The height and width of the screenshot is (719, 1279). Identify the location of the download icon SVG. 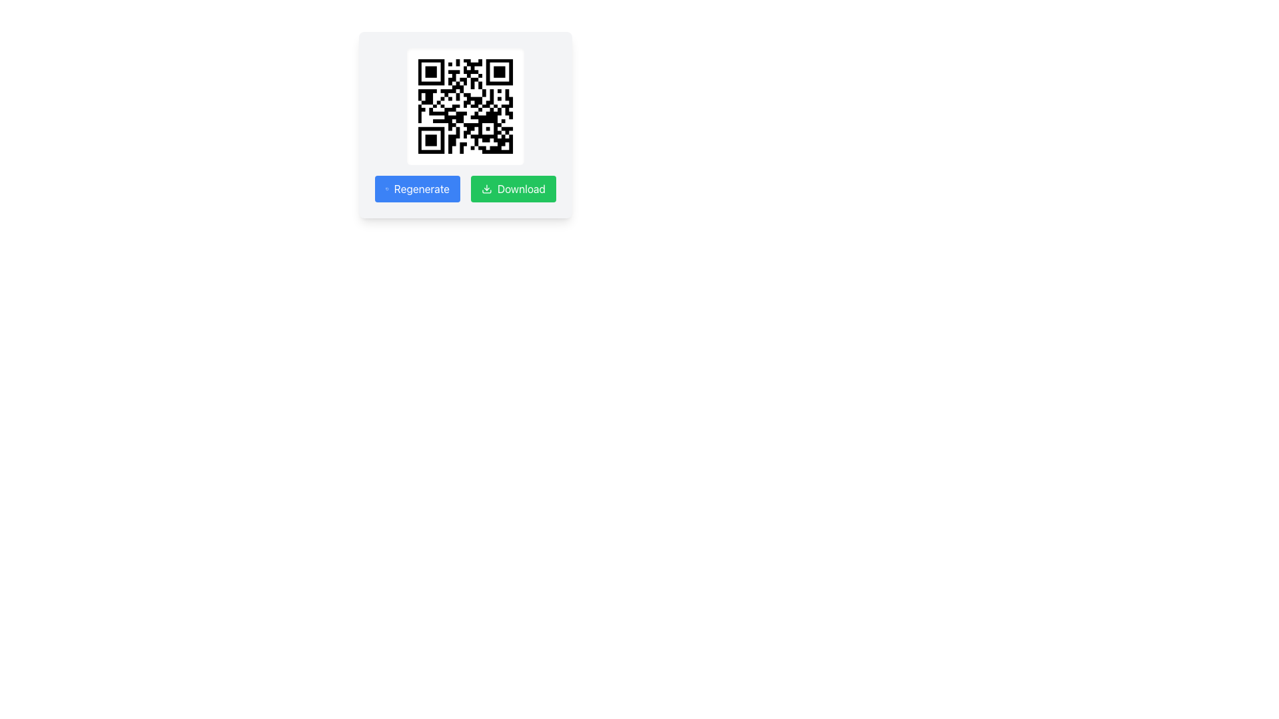
(486, 189).